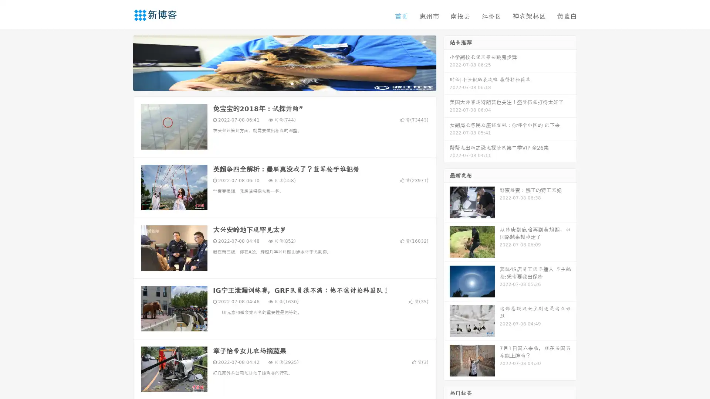 Image resolution: width=710 pixels, height=399 pixels. Describe the element at coordinates (447, 62) in the screenshot. I see `Next slide` at that location.